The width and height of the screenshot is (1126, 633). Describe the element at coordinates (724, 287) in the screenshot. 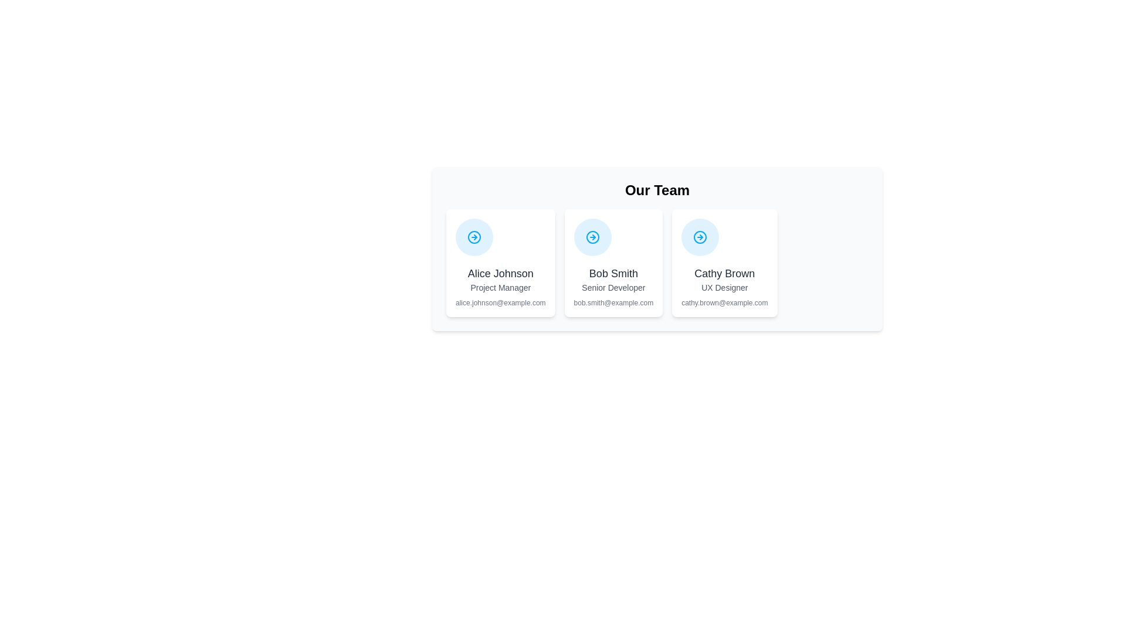

I see `the text label displaying the role or designation of Cathy Brown, located in the bottom-middle area of her card` at that location.